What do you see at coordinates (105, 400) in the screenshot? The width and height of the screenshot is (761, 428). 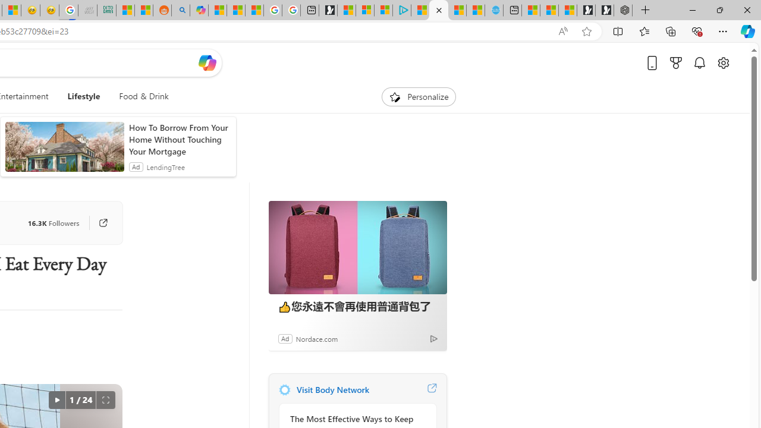 I see `'Full screen'` at bounding box center [105, 400].